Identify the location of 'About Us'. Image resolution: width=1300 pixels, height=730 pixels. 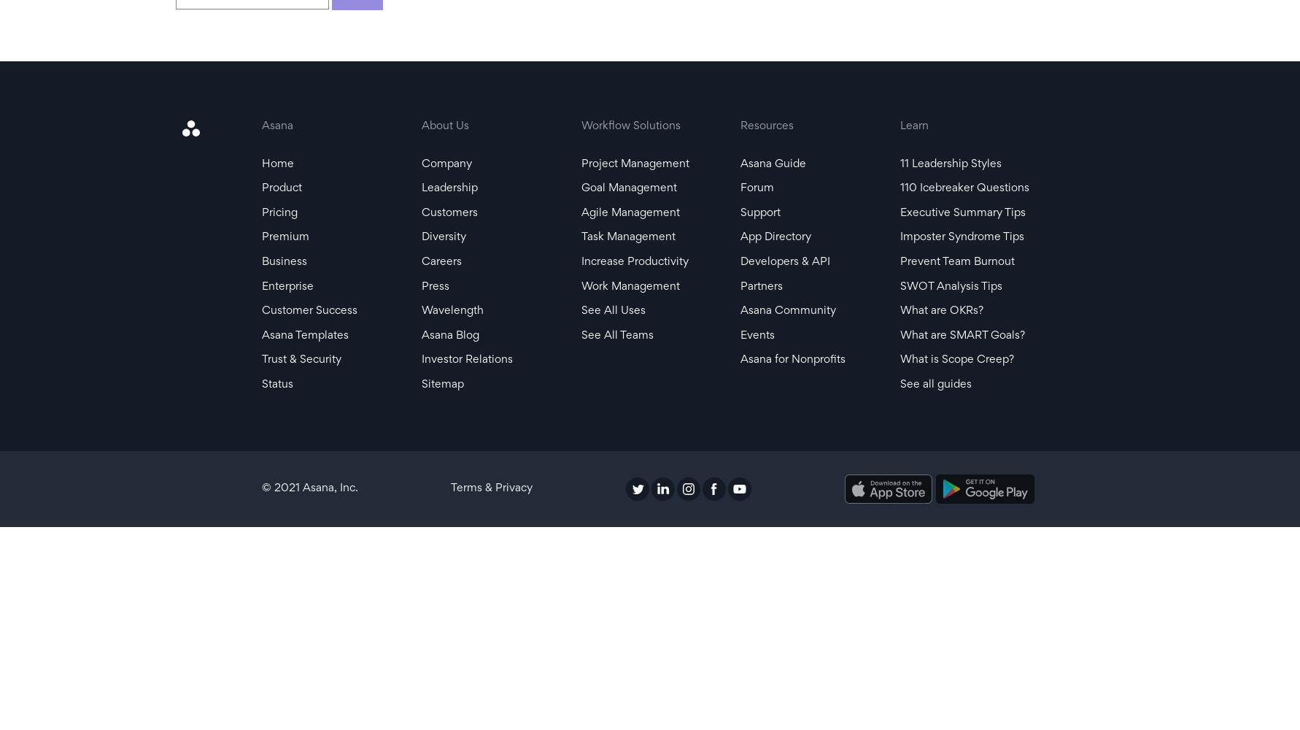
(444, 126).